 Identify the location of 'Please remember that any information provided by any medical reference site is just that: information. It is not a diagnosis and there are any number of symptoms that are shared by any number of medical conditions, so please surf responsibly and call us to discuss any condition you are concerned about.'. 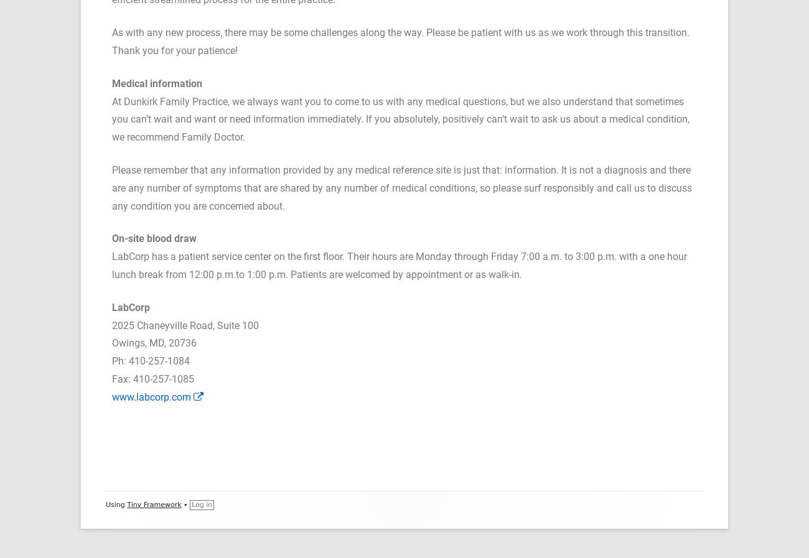
(401, 187).